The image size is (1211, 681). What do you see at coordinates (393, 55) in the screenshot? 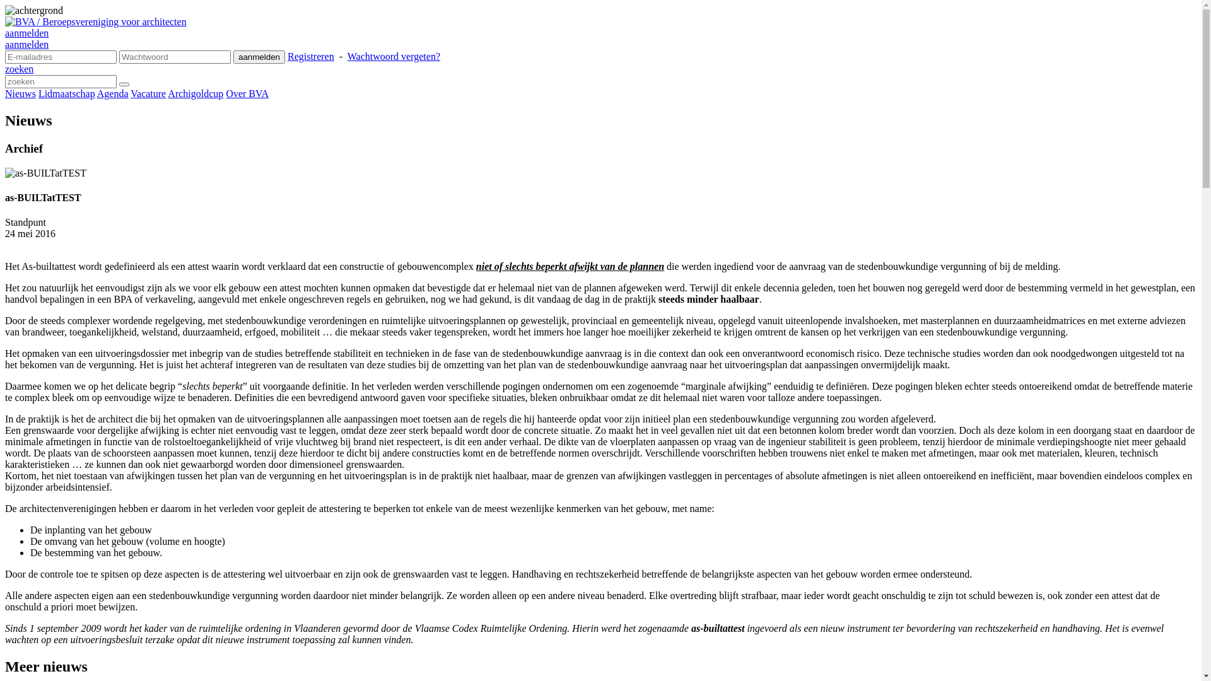
I see `'Wachtwoord vergeten?'` at bounding box center [393, 55].